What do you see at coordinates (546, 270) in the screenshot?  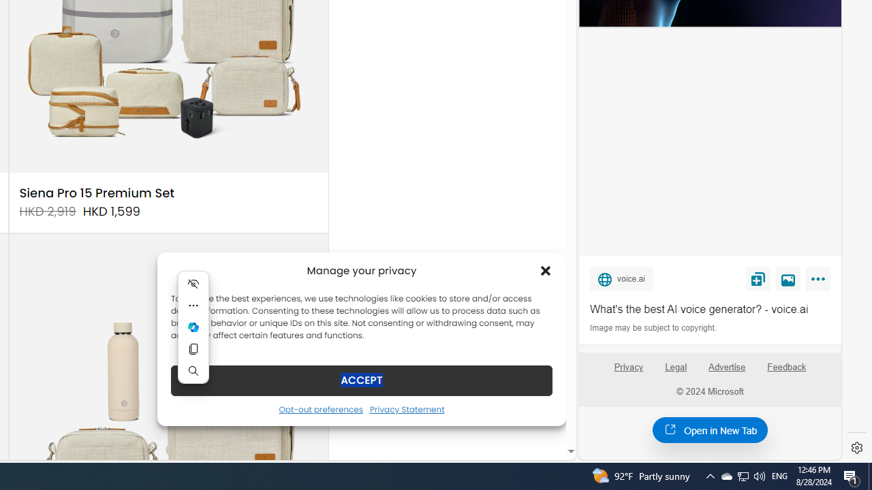 I see `'Class: cmplz-close'` at bounding box center [546, 270].